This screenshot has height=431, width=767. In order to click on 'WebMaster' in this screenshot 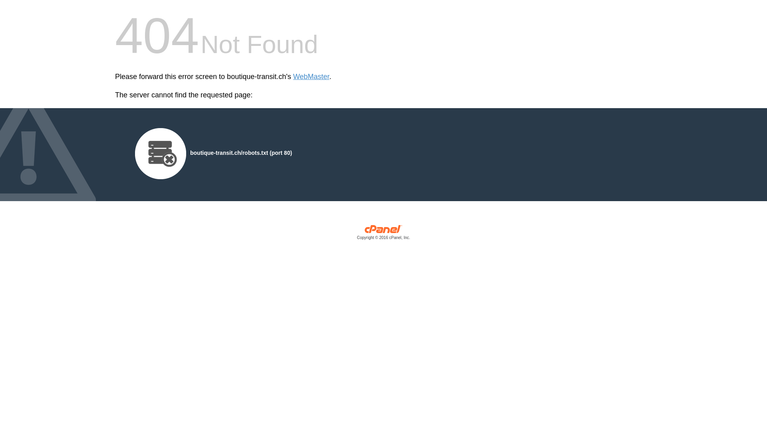, I will do `click(311, 77)`.